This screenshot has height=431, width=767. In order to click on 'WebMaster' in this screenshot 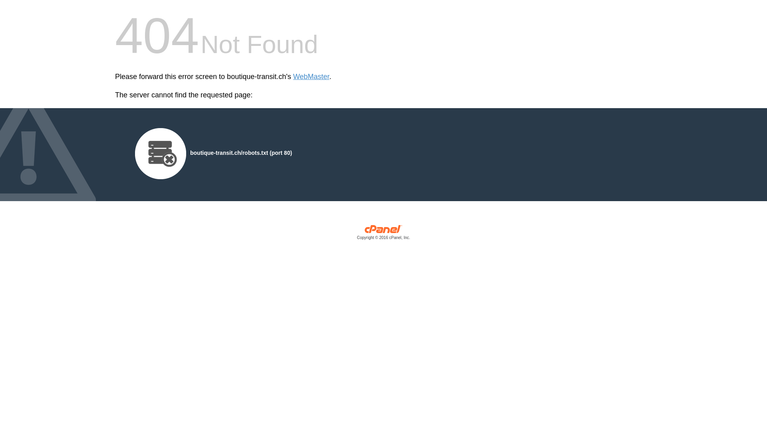, I will do `click(311, 77)`.